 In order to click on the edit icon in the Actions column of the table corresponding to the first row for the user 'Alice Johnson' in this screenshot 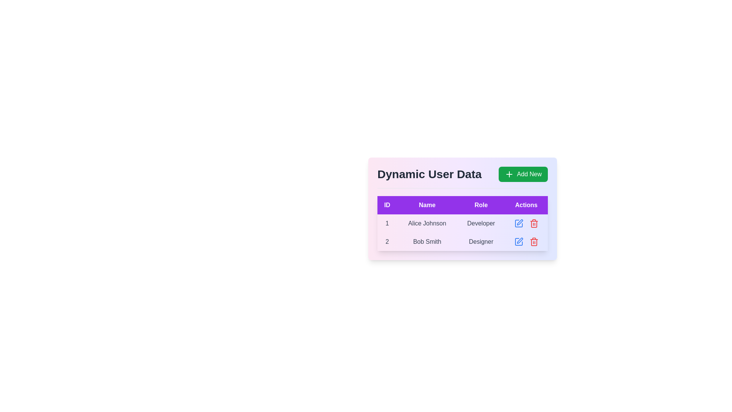, I will do `click(519, 241)`.